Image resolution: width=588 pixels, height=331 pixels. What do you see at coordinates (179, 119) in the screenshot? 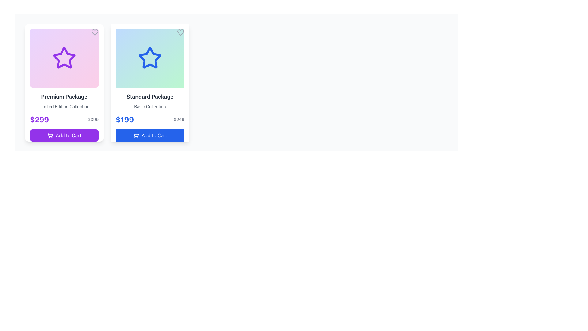
I see `the Price label with strike-through located in the 'Standard Package' card, positioned to the right of the displayed price '$199' near the bottom of the card` at bounding box center [179, 119].